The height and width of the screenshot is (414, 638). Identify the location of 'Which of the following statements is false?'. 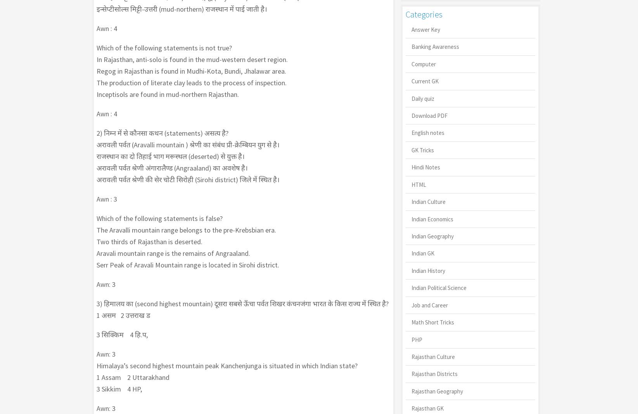
(96, 218).